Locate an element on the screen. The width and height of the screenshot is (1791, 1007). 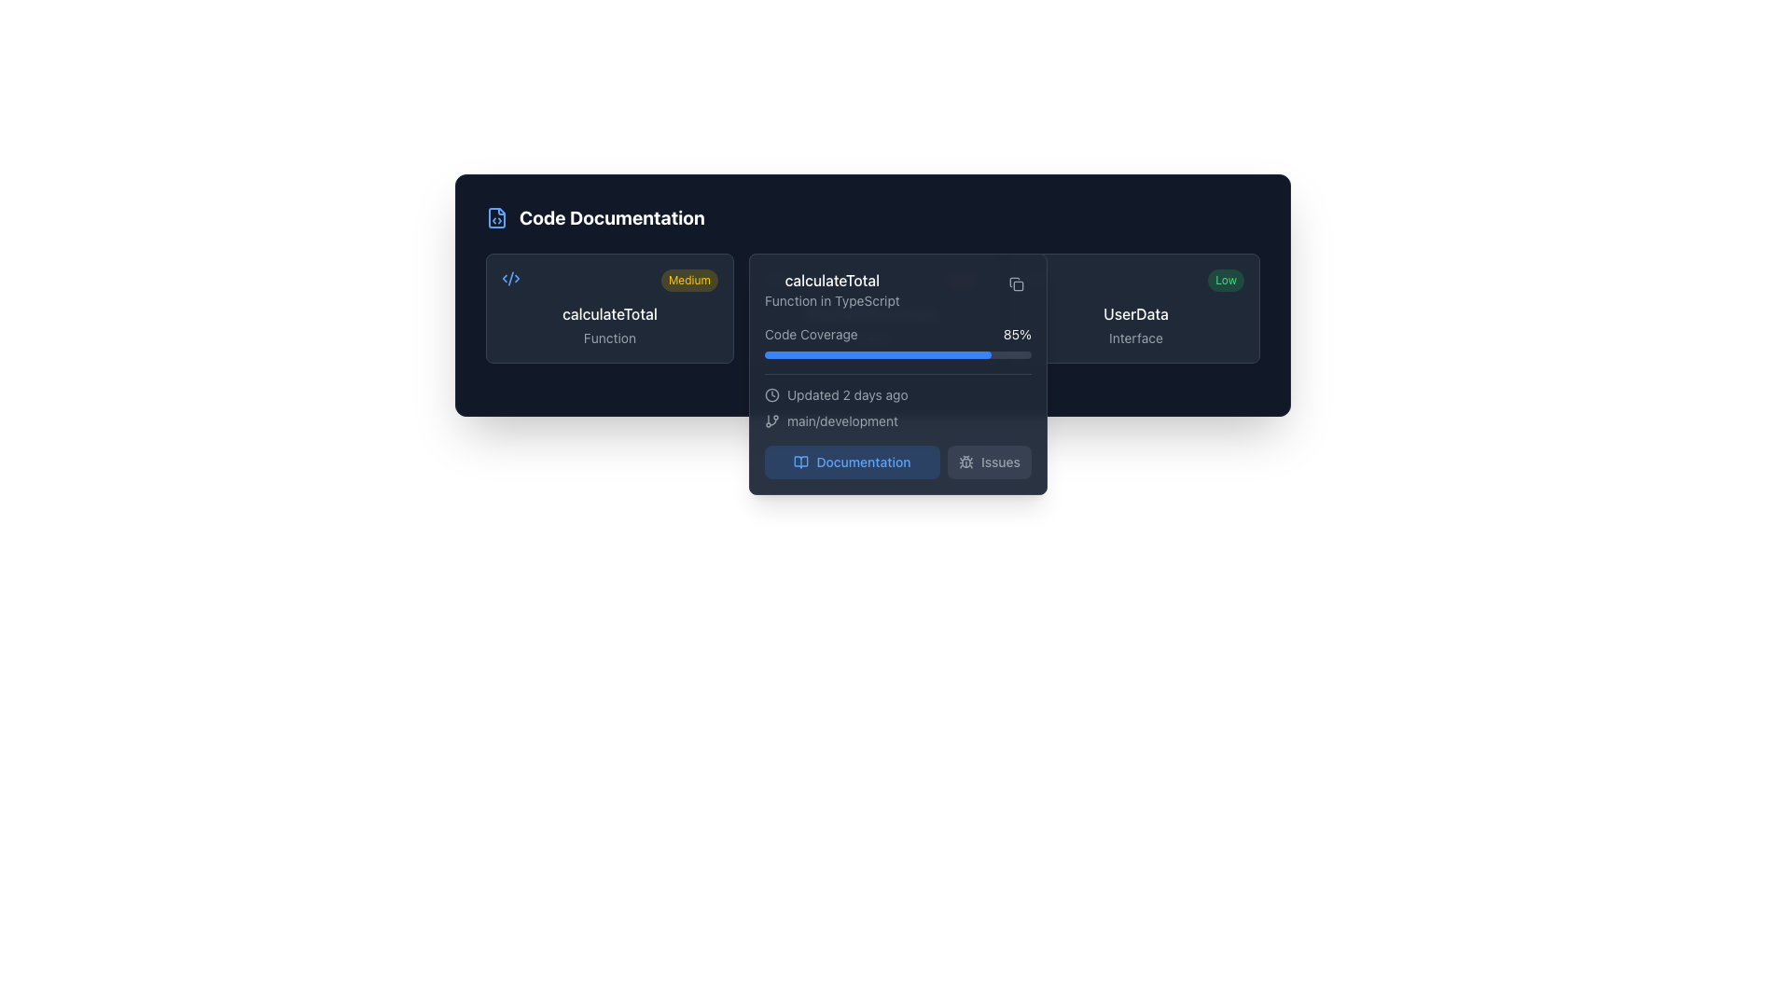
the 'UserData' information card located in the rightmost column of the grid is located at coordinates (1135, 308).